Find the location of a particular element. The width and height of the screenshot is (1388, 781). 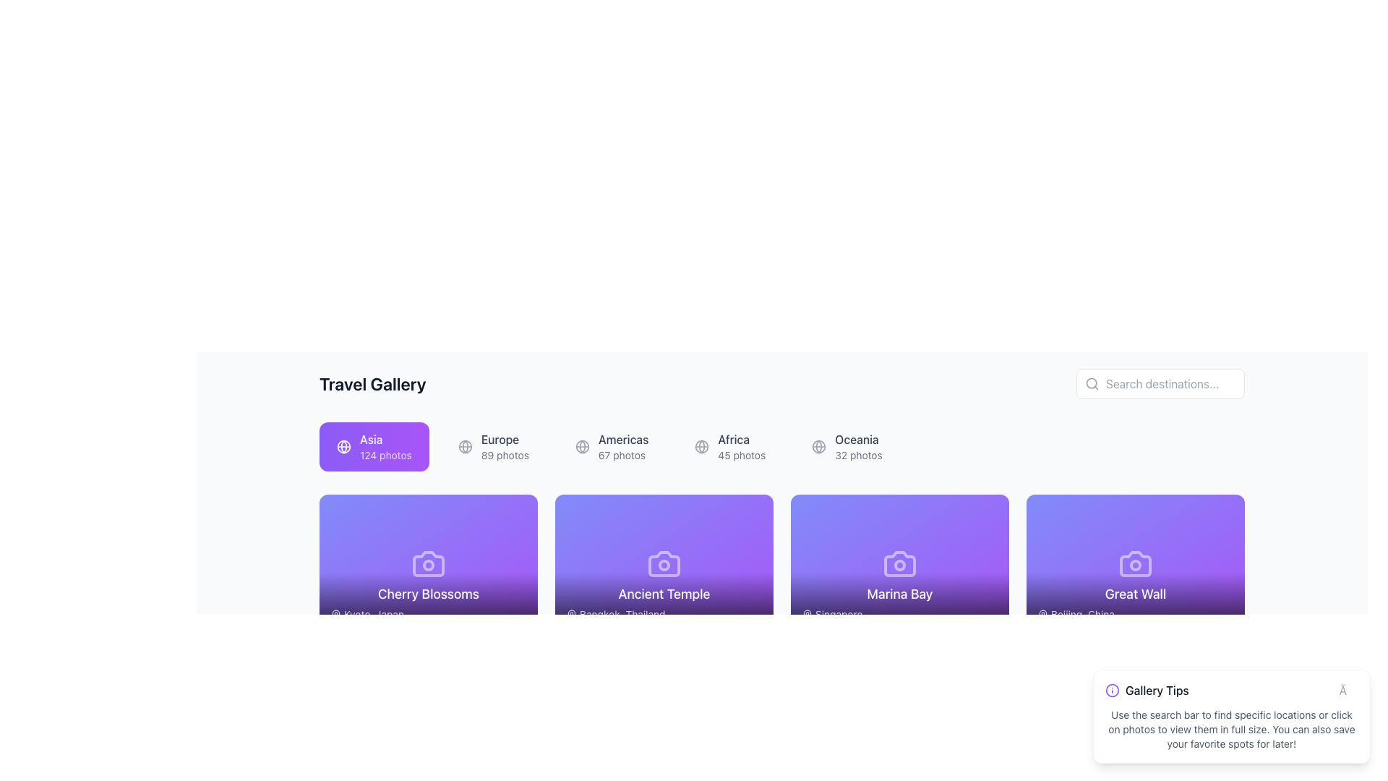

the informational text block displaying 'Great Wall' located at the bottom section of the card with a gradient background is located at coordinates (1134, 602).